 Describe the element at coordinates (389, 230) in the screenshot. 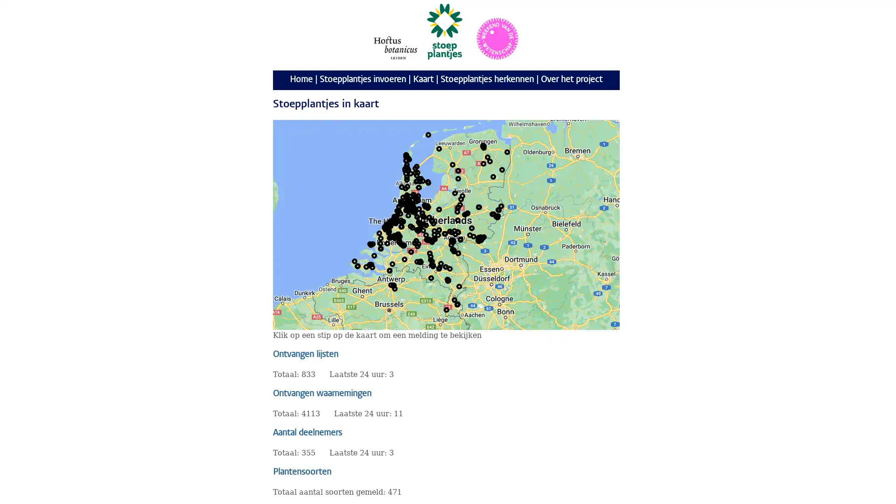

I see `Telling van Aletta op 13 oktober 2021` at that location.